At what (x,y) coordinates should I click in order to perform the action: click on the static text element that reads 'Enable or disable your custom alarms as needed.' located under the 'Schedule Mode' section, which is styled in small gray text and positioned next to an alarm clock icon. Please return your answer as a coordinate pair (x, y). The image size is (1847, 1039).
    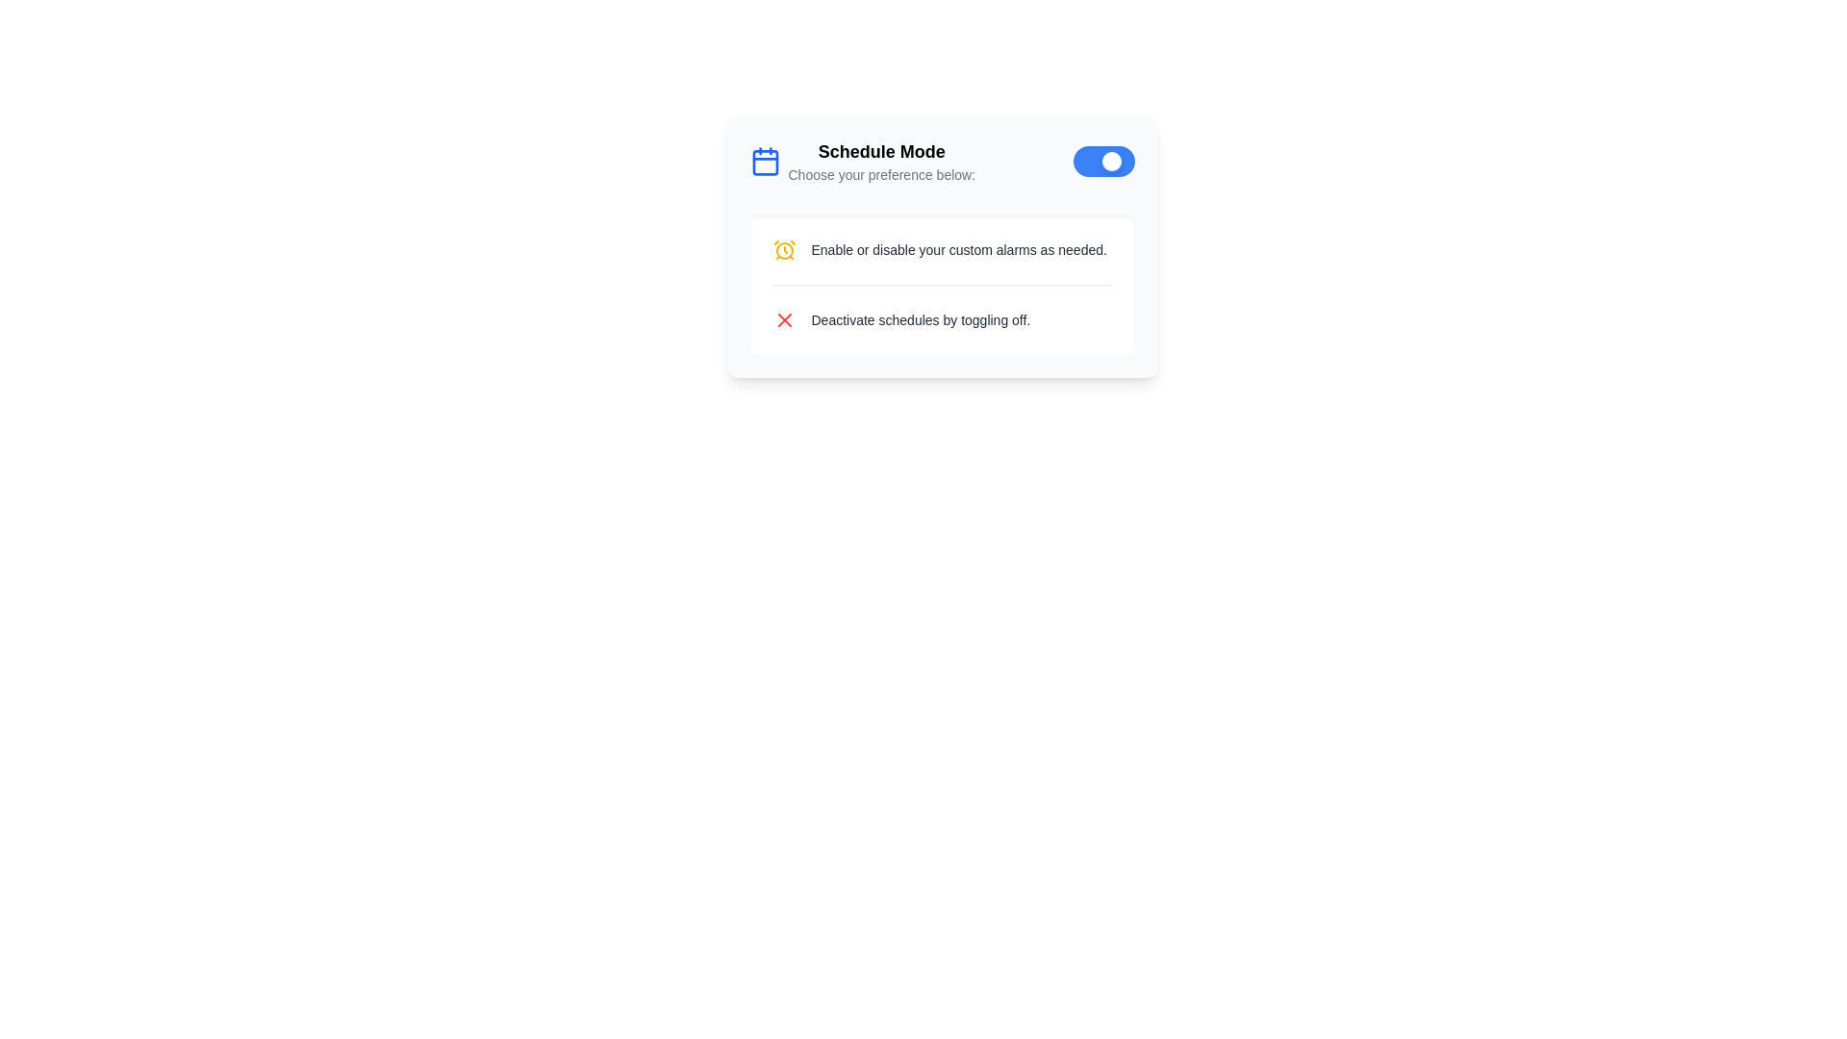
    Looking at the image, I should click on (959, 248).